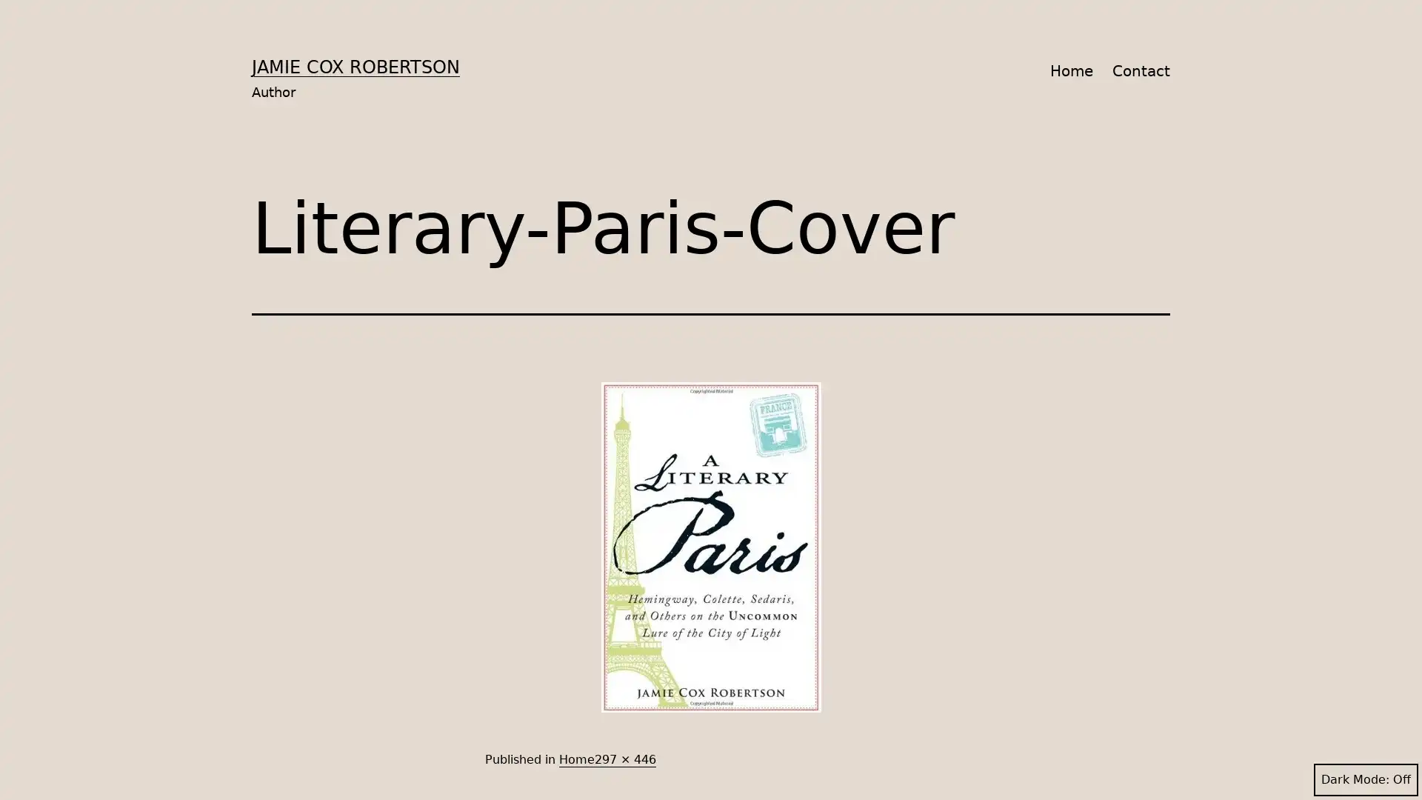 This screenshot has height=800, width=1422. Describe the element at coordinates (1365, 779) in the screenshot. I see `Dark Mode:` at that location.